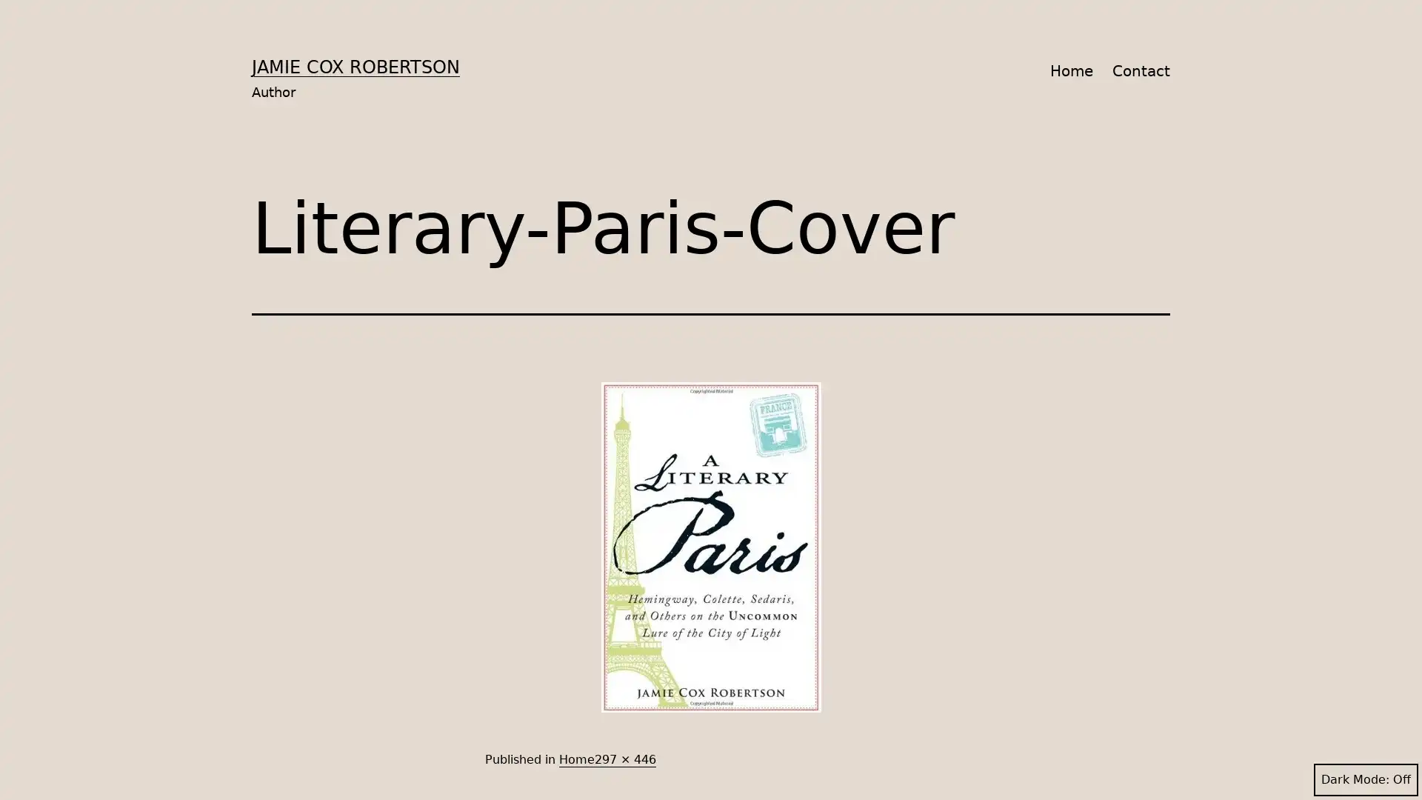 This screenshot has height=800, width=1422. Describe the element at coordinates (1365, 779) in the screenshot. I see `Dark Mode:` at that location.